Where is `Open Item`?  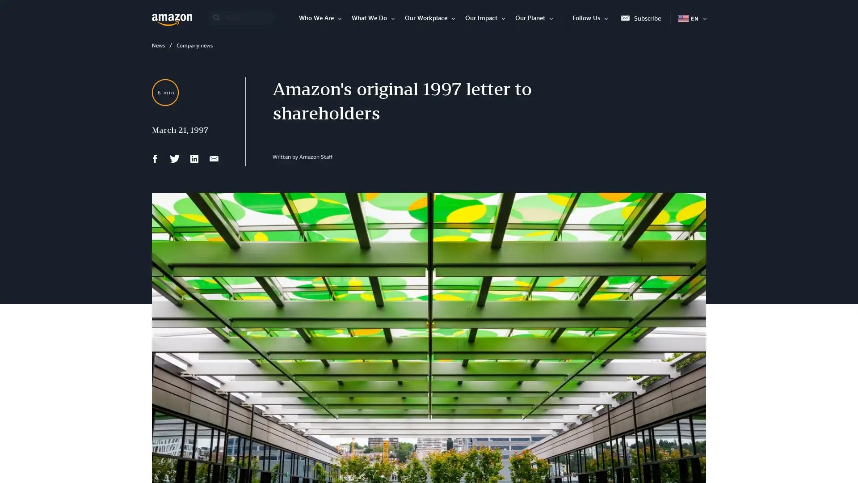 Open Item is located at coordinates (394, 17).